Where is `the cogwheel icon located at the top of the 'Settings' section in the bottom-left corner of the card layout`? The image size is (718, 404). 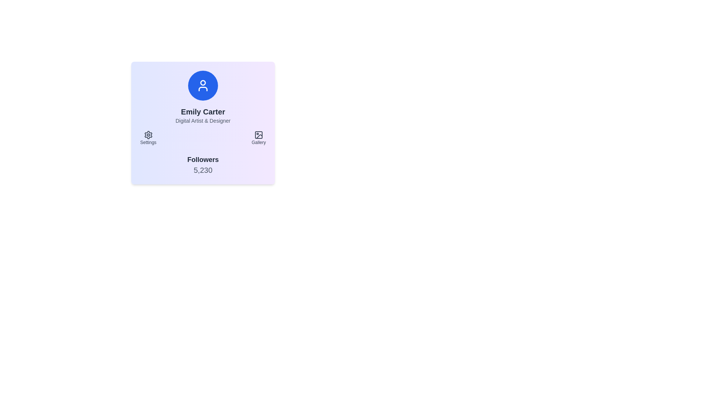 the cogwheel icon located at the top of the 'Settings' section in the bottom-left corner of the card layout is located at coordinates (148, 135).